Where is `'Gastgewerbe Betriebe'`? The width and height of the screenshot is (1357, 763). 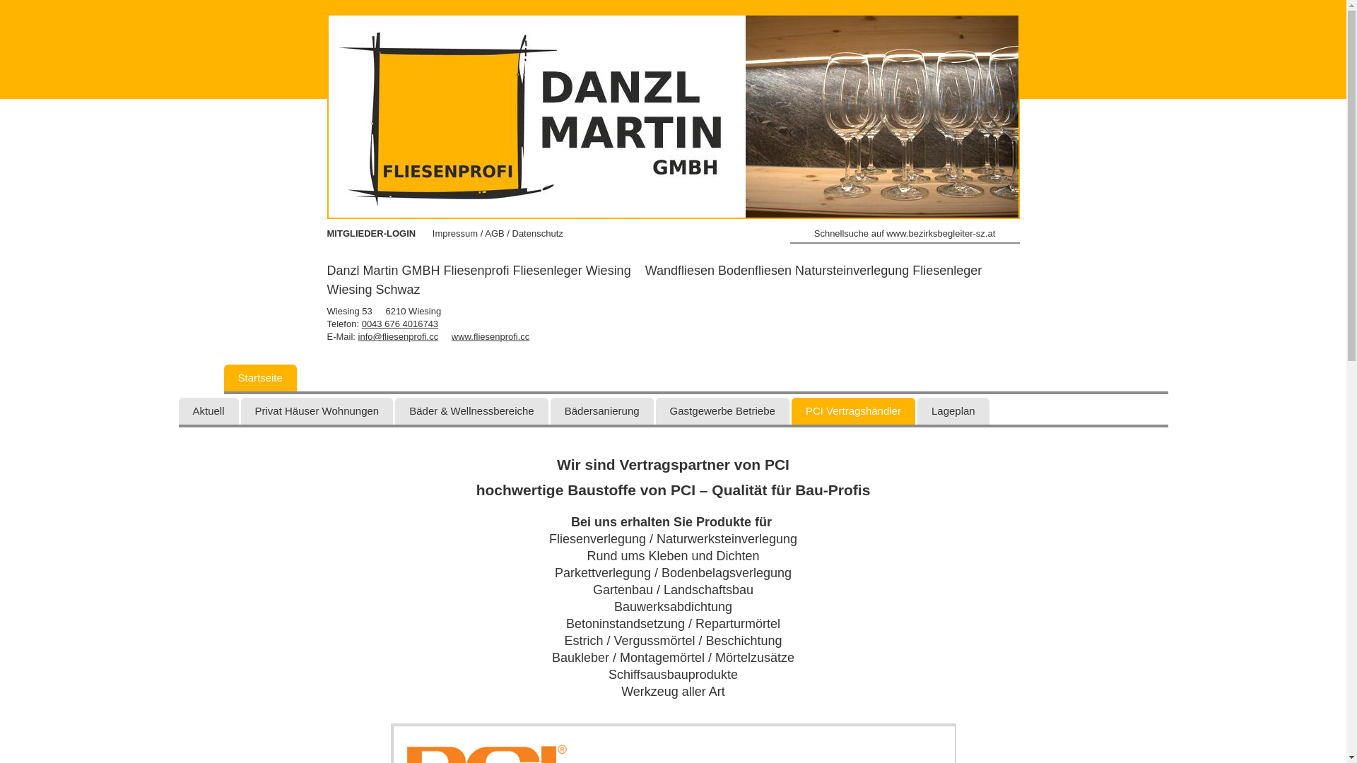 'Gastgewerbe Betriebe' is located at coordinates (722, 411).